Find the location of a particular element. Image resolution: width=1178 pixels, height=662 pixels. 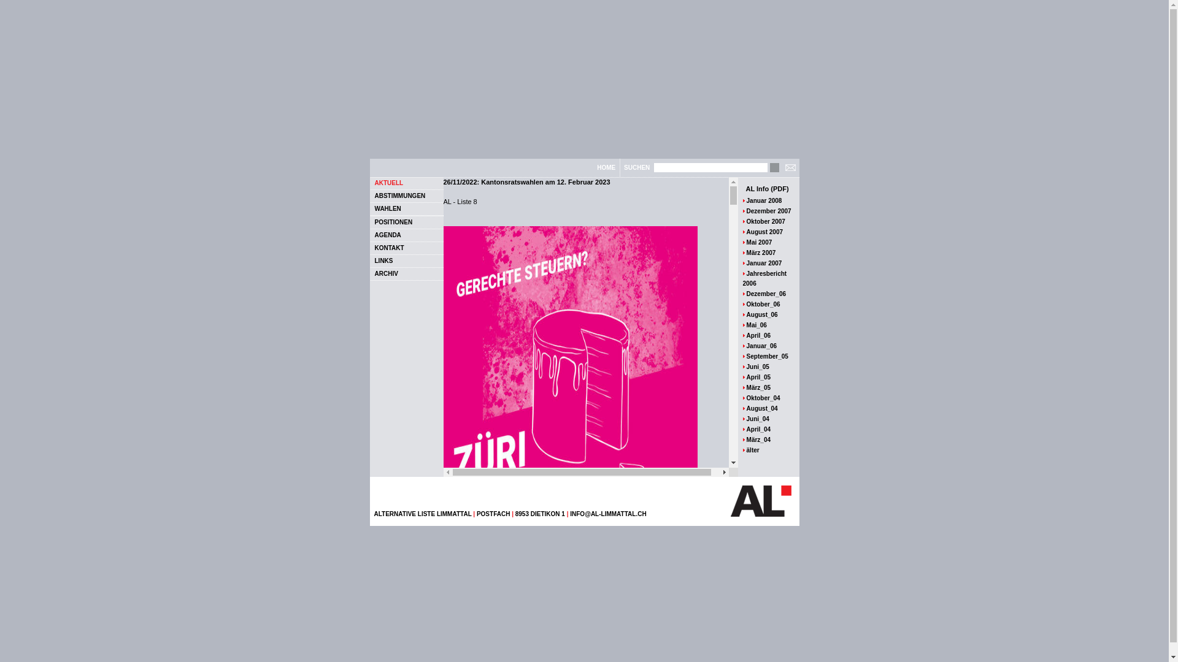

'AKTUELL' is located at coordinates (373, 182).